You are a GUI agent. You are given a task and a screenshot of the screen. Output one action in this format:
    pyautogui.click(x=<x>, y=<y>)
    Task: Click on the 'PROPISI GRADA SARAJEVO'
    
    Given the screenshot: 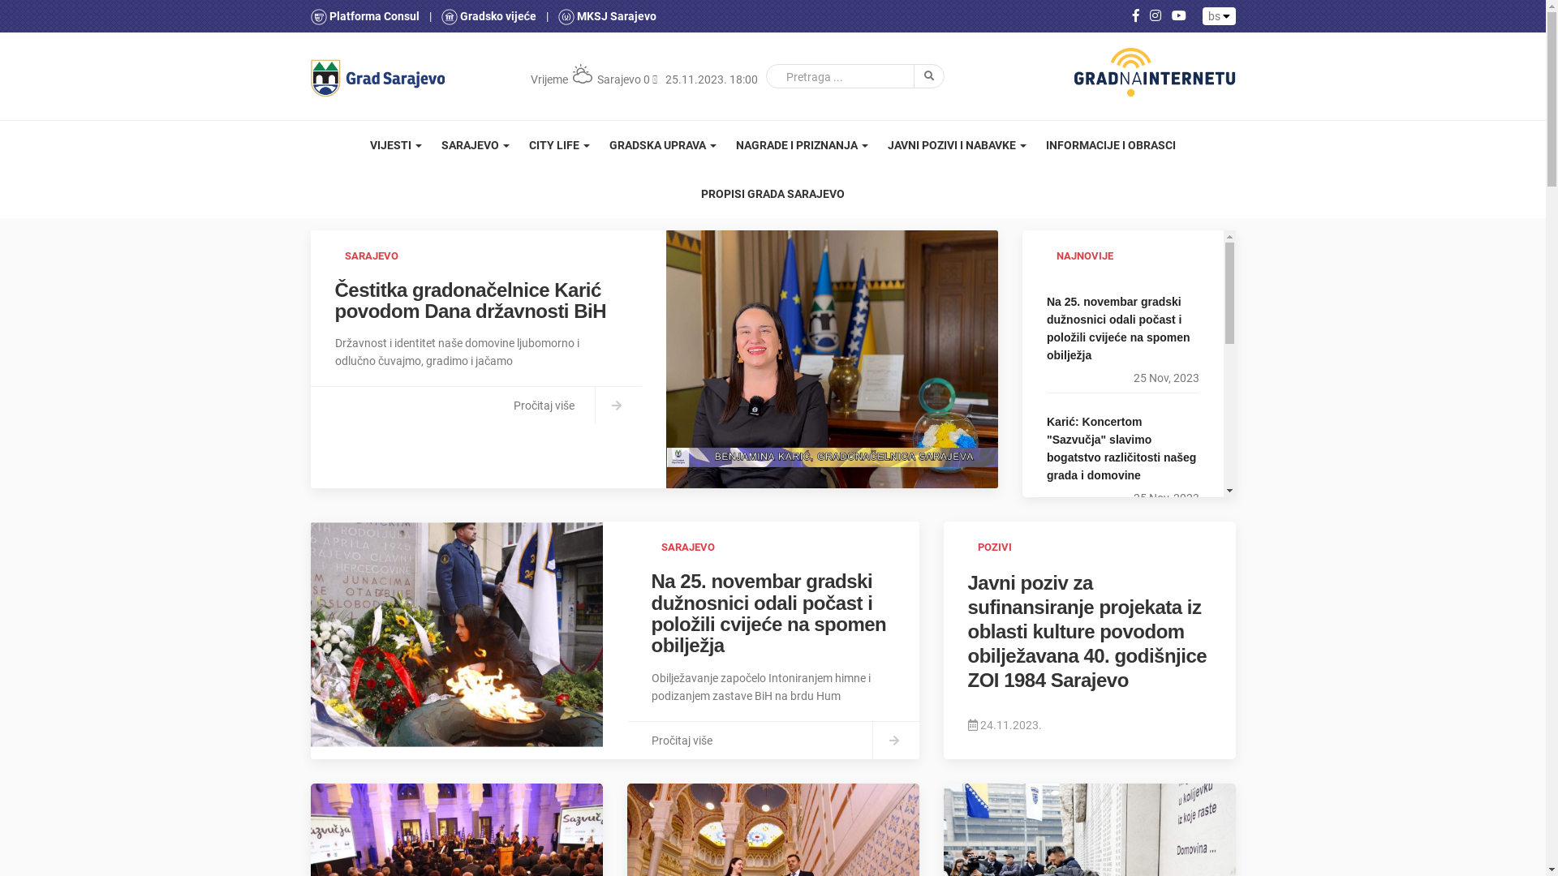 What is the action you would take?
    pyautogui.click(x=772, y=193)
    